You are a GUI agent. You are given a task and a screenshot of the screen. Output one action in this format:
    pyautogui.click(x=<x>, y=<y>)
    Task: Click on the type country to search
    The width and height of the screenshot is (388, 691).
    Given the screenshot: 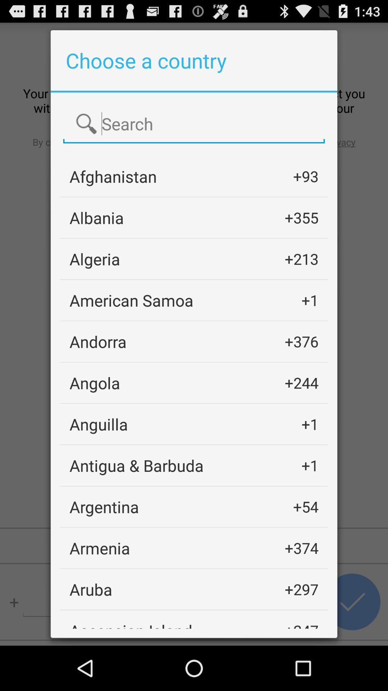 What is the action you would take?
    pyautogui.click(x=194, y=124)
    